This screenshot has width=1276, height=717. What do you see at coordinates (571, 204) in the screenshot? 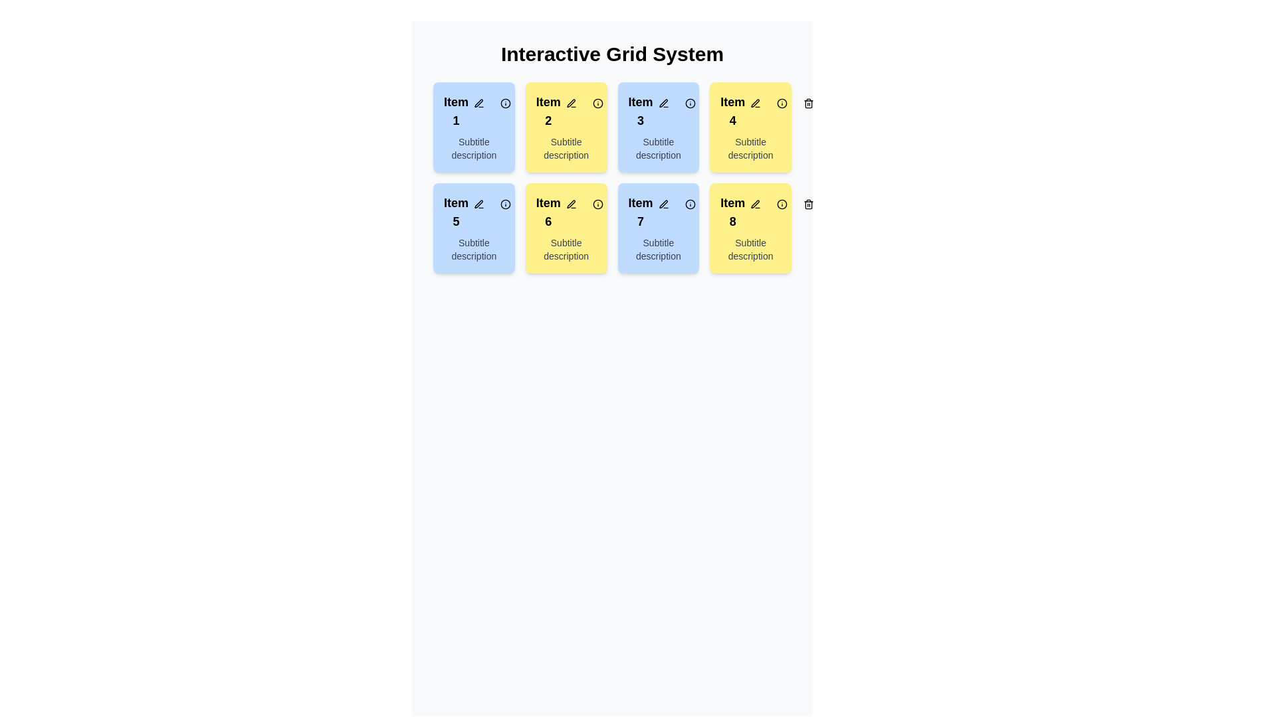
I see `the circular button with a pen icon located to the right of the sixth item in the grid layout` at bounding box center [571, 204].